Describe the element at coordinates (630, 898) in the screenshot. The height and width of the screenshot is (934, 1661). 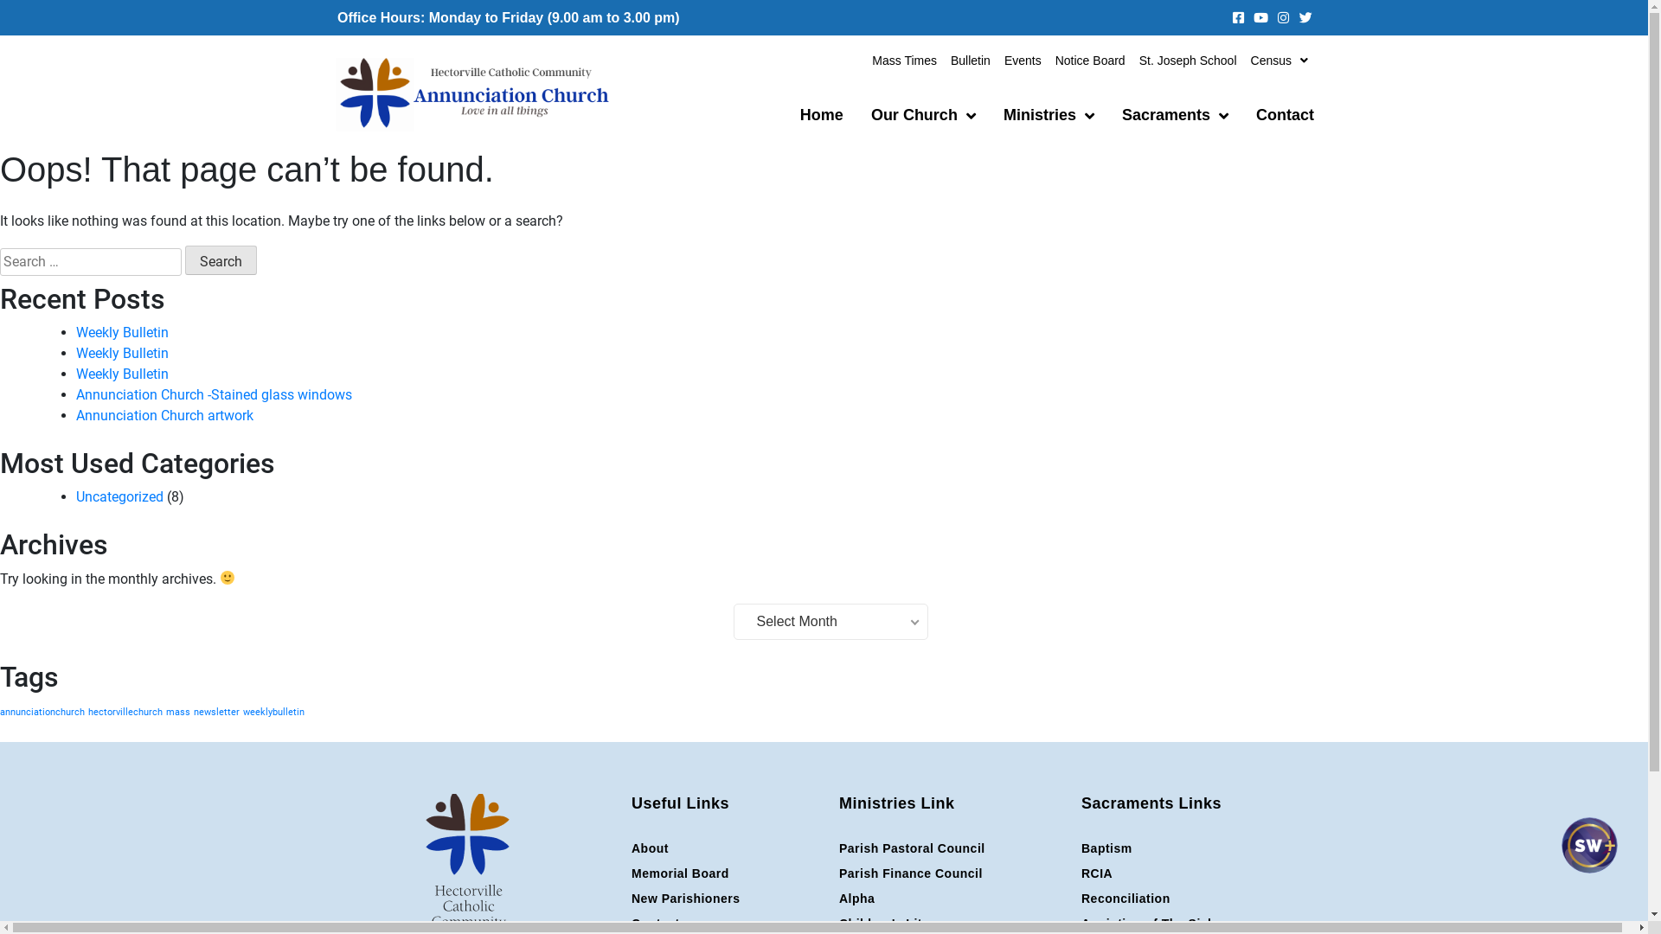
I see `'New Parishioners'` at that location.